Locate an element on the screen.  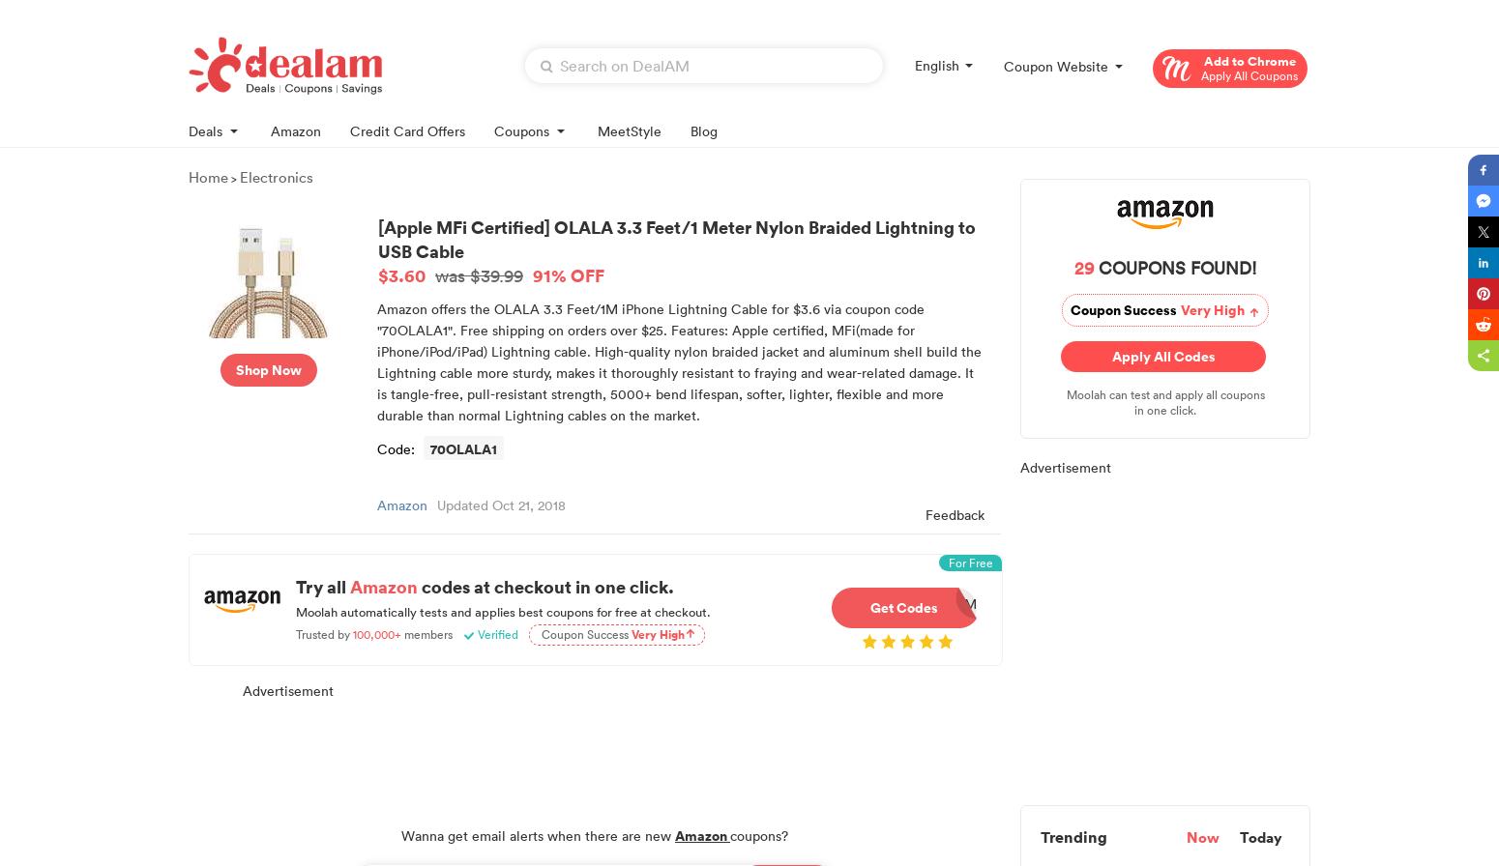
'91% OFF' is located at coordinates (569, 274).